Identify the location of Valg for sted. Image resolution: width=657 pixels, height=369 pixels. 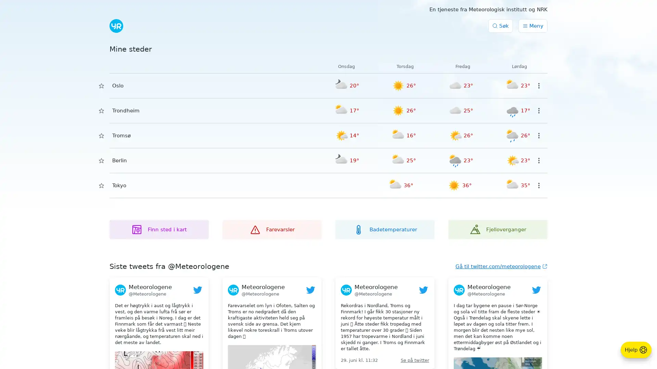
(538, 161).